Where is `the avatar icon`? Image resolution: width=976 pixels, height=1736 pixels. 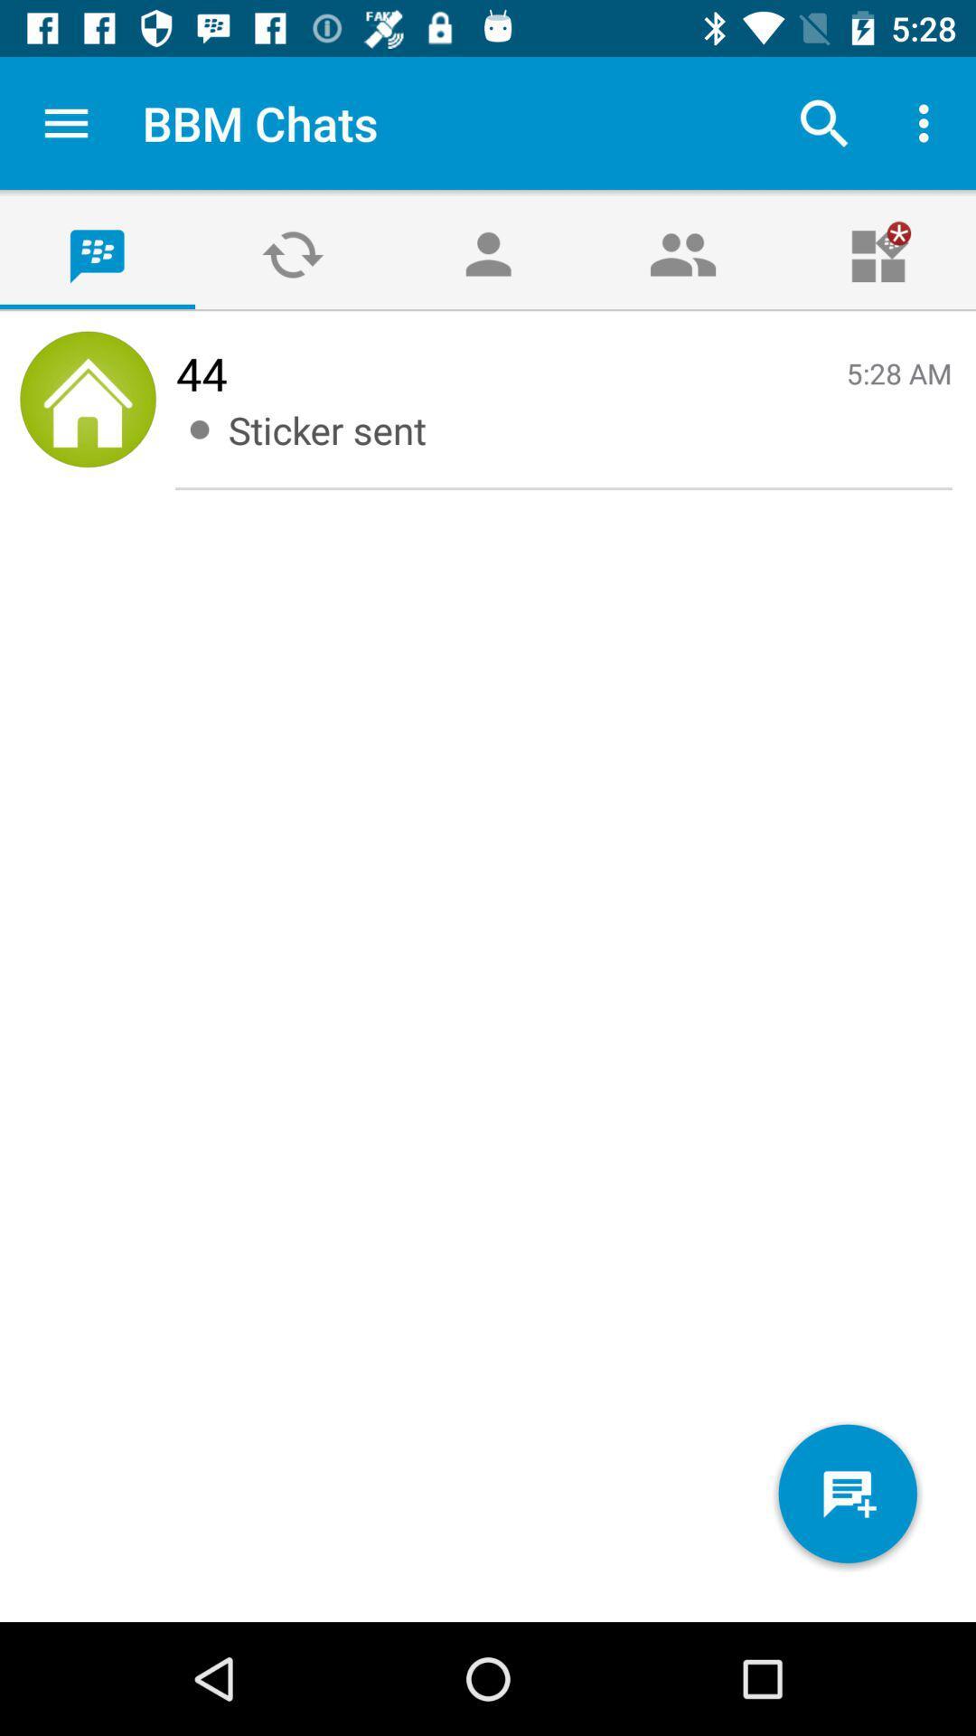
the avatar icon is located at coordinates (488, 253).